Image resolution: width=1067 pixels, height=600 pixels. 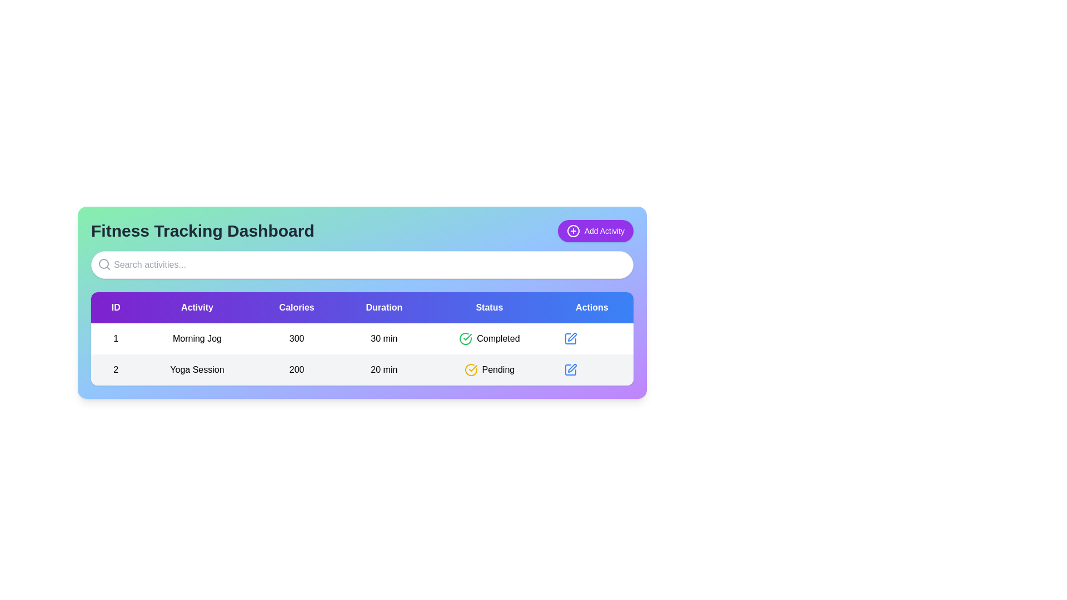 I want to click on the edit button in the 'Actions' column of the second row, which corresponds to the 'Yoga Session' row in the table, so click(x=570, y=338).